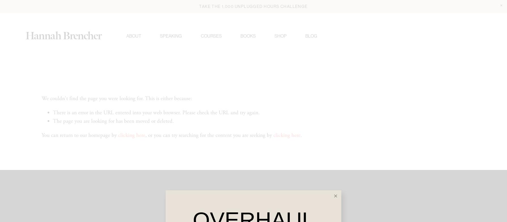  Describe the element at coordinates (305, 36) in the screenshot. I see `'Blog'` at that location.